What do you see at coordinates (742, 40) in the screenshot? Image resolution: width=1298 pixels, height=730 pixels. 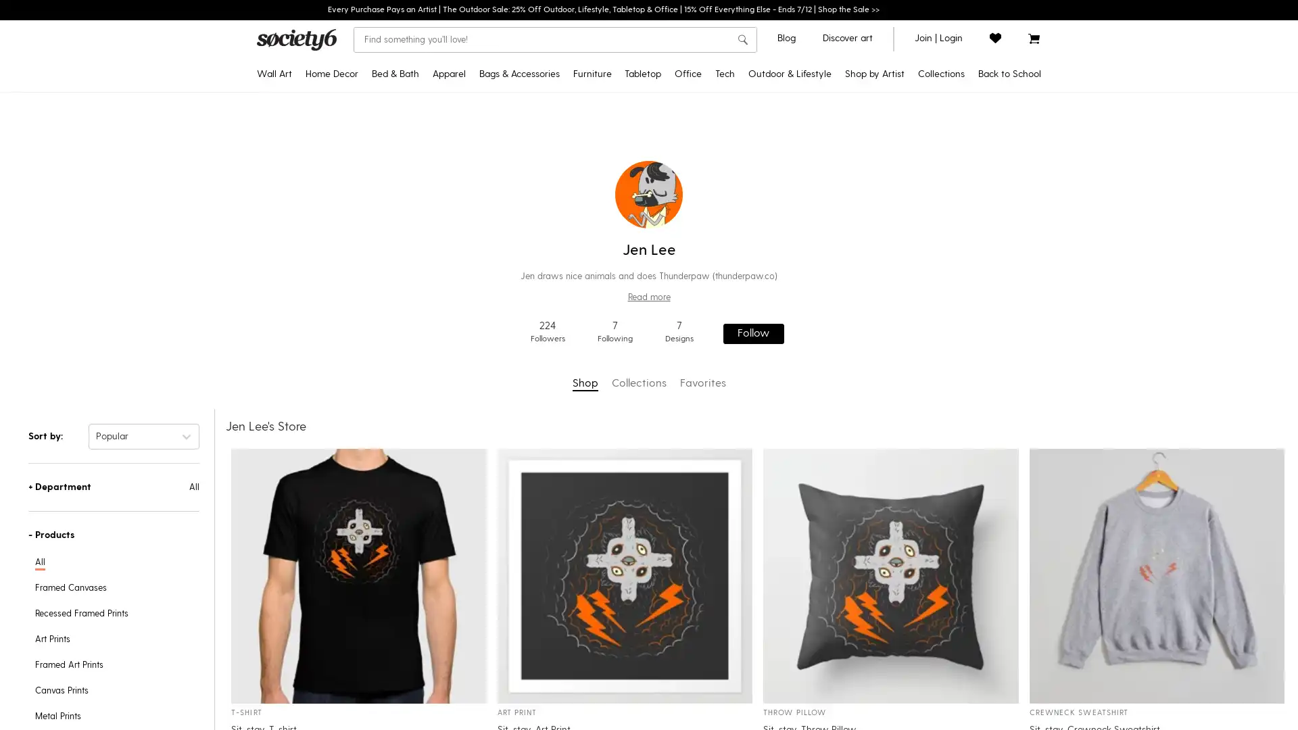 I see `search button` at bounding box center [742, 40].